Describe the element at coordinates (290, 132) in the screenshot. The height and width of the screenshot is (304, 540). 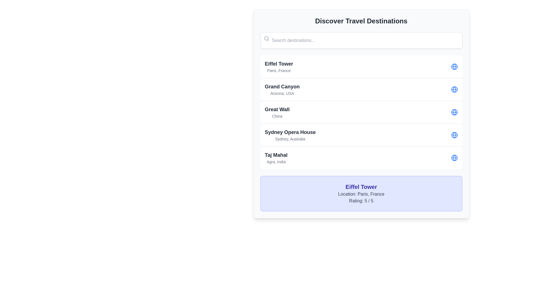
I see `text label for the fourth destination entry in the vertical list, which prominently displays the name of the destination` at that location.